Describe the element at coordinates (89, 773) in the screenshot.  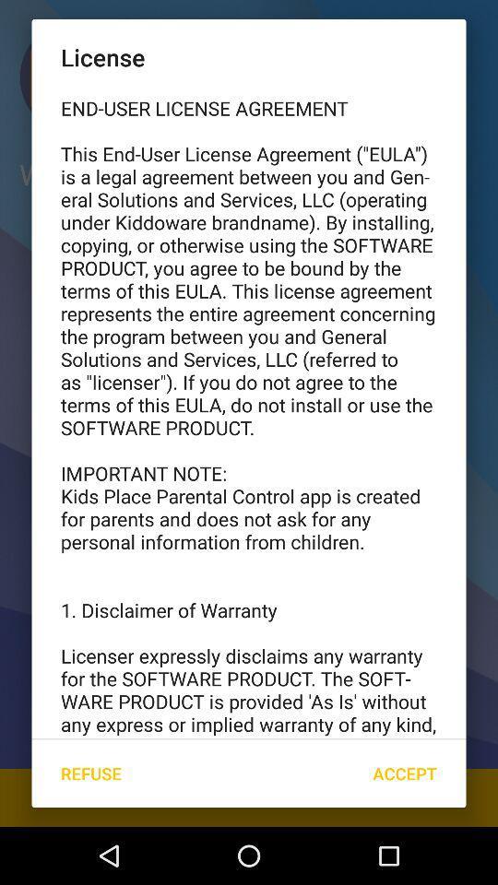
I see `the refuse icon` at that location.